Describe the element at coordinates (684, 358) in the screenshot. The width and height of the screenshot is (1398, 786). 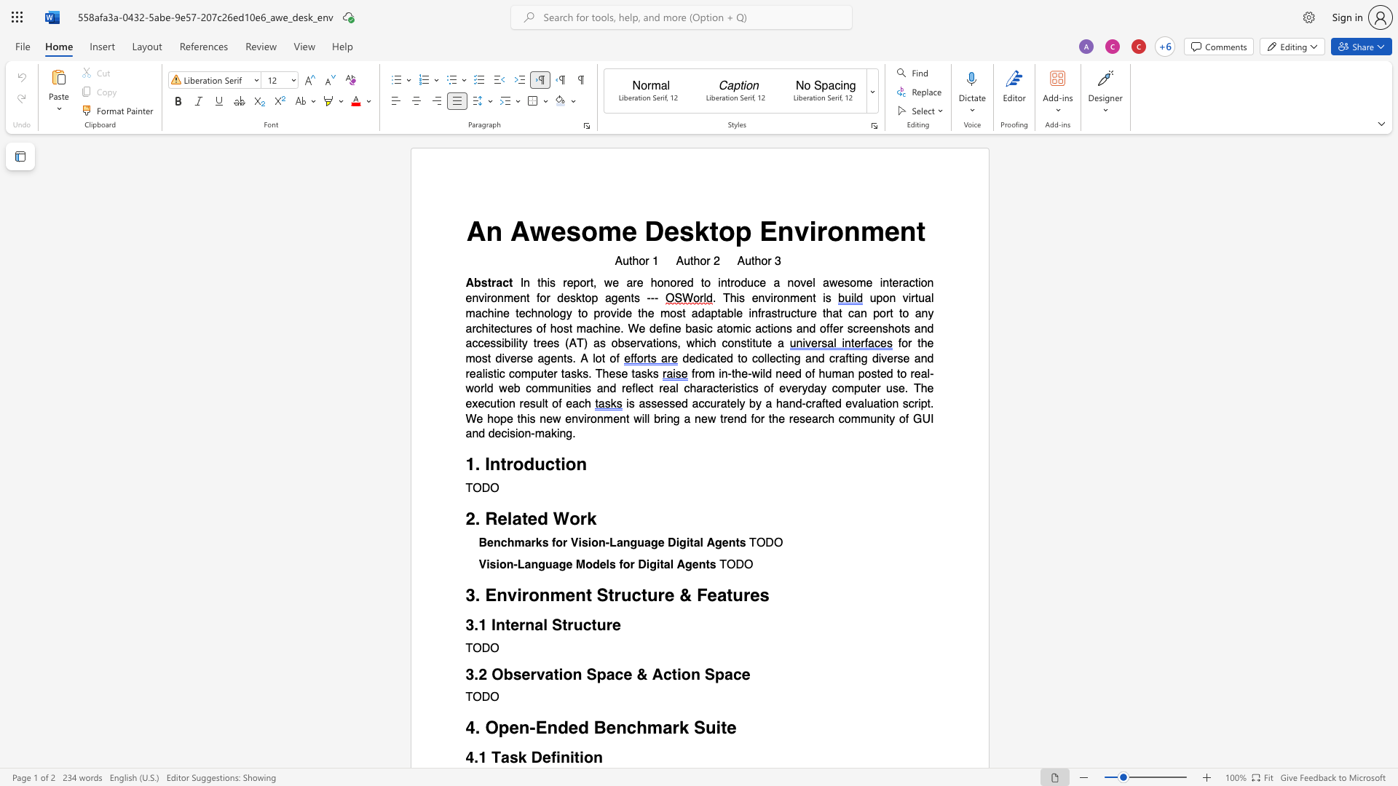
I see `the 1th character "d" in the text` at that location.